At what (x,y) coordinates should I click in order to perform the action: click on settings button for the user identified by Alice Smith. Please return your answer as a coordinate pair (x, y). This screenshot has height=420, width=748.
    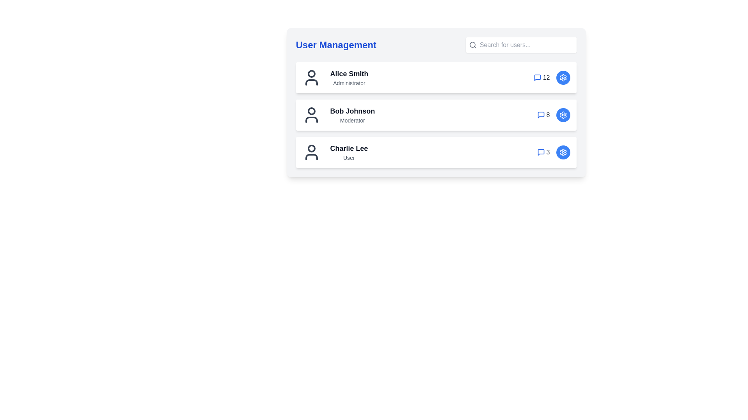
    Looking at the image, I should click on (563, 78).